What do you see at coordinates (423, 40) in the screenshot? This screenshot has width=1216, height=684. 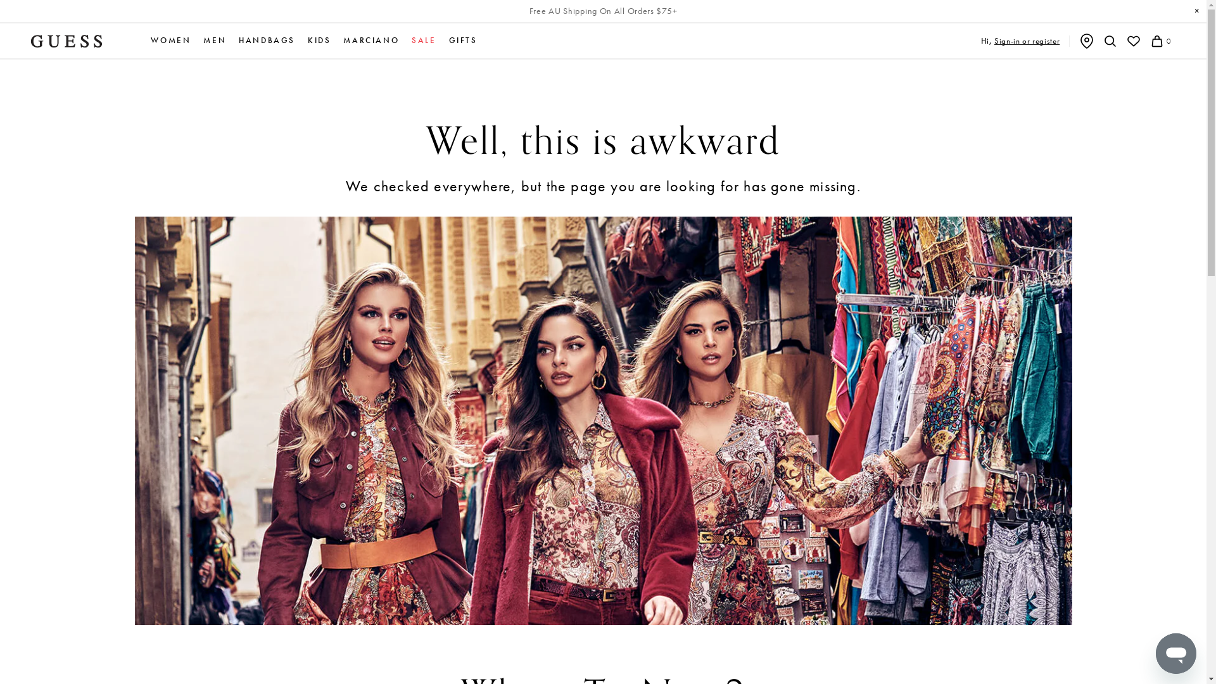 I see `'SALE'` at bounding box center [423, 40].